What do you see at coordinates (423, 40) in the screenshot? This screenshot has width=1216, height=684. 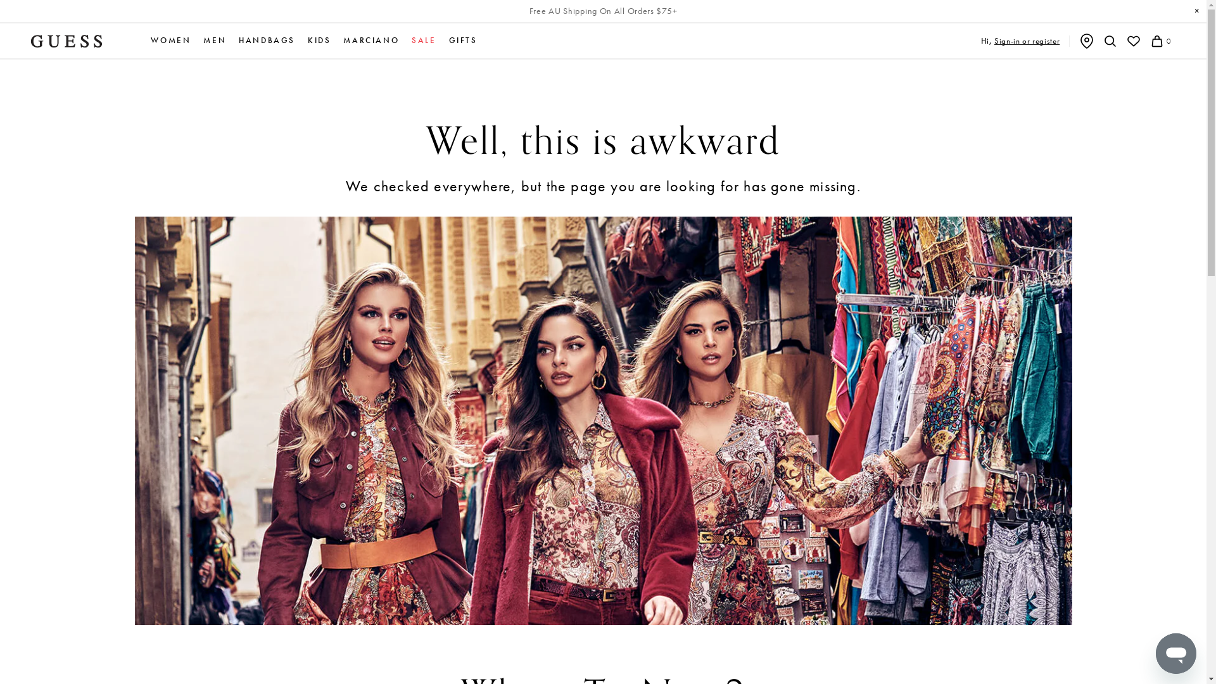 I see `'SALE'` at bounding box center [423, 40].